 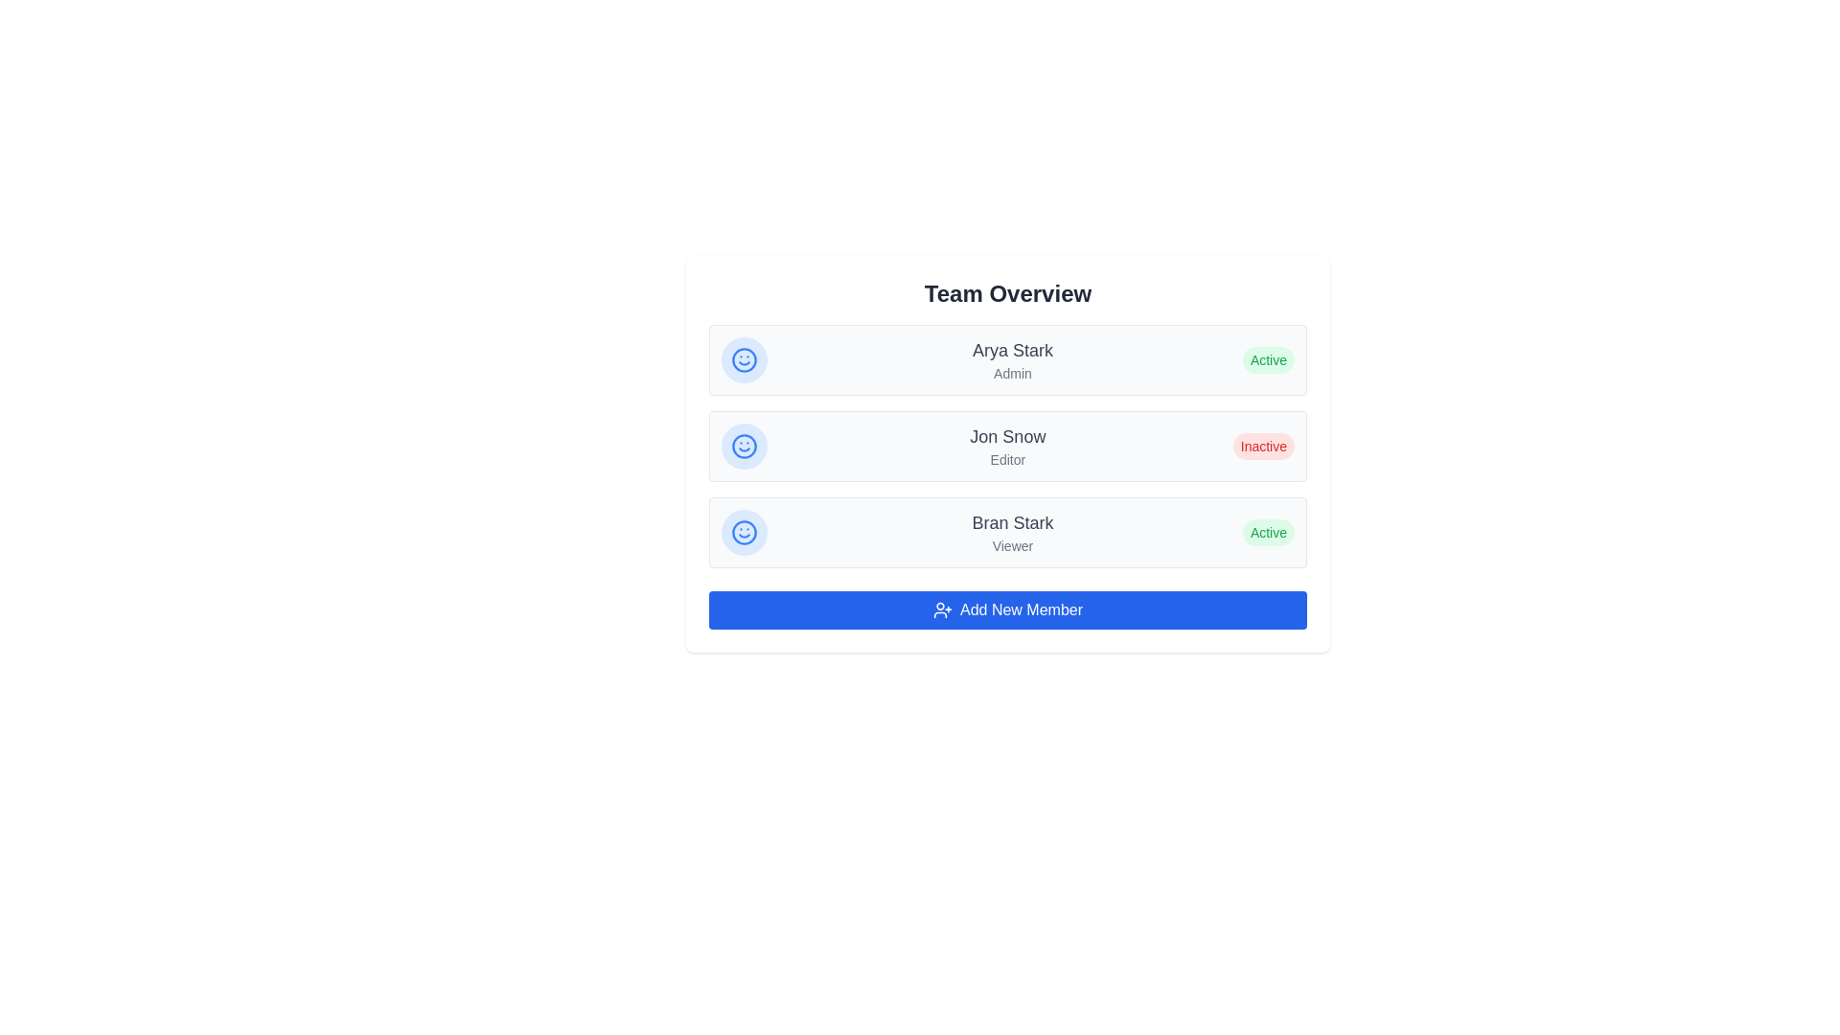 I want to click on the 'Add New Member' button, which is a rounded rectangular button with a blue background and white text, located at the bottom of the 'Team Overview' section, so click(x=1006, y=609).